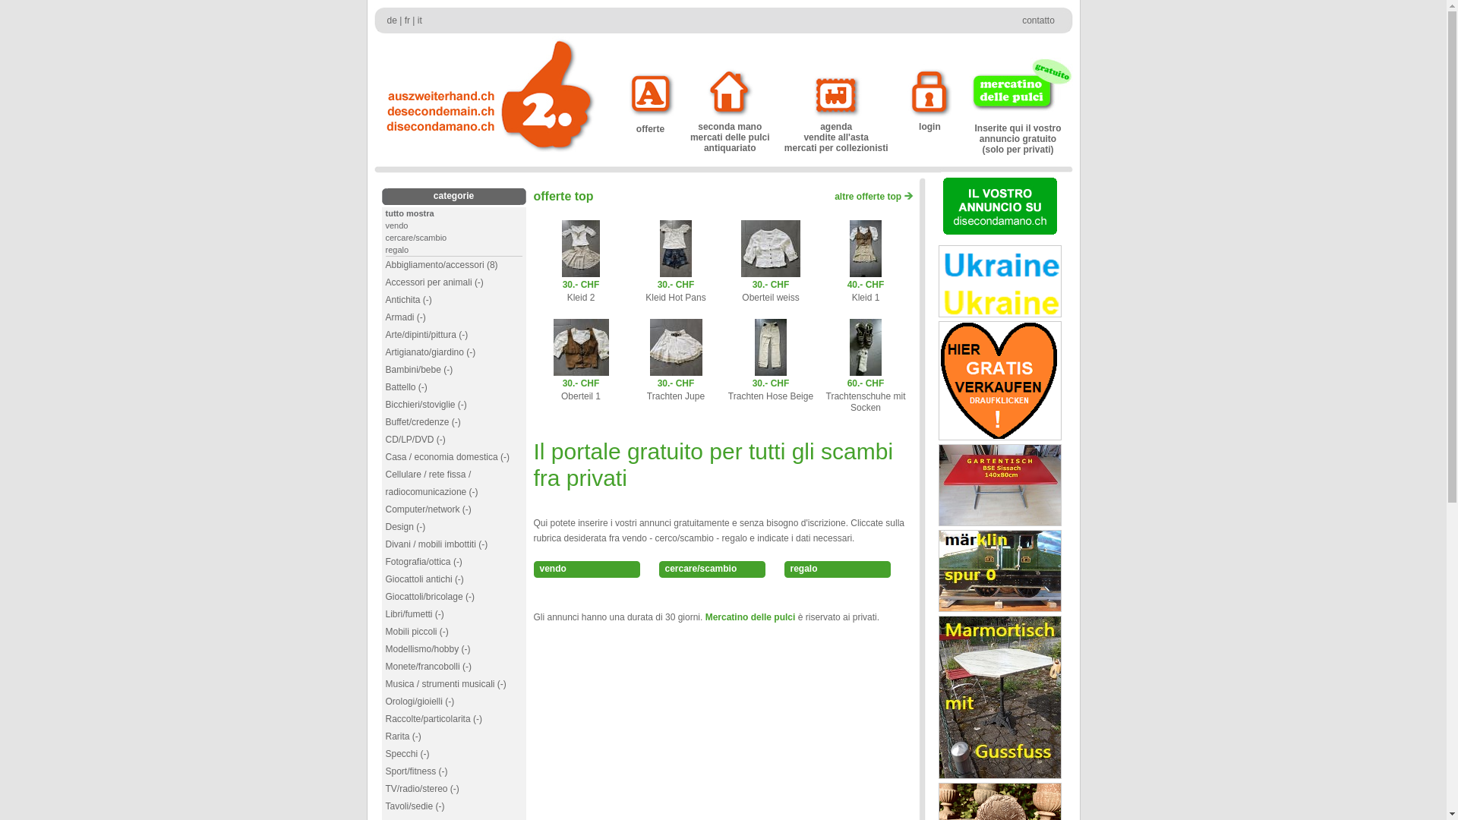 The height and width of the screenshot is (820, 1458). What do you see at coordinates (415, 613) in the screenshot?
I see `'Libri/fumetti (-)'` at bounding box center [415, 613].